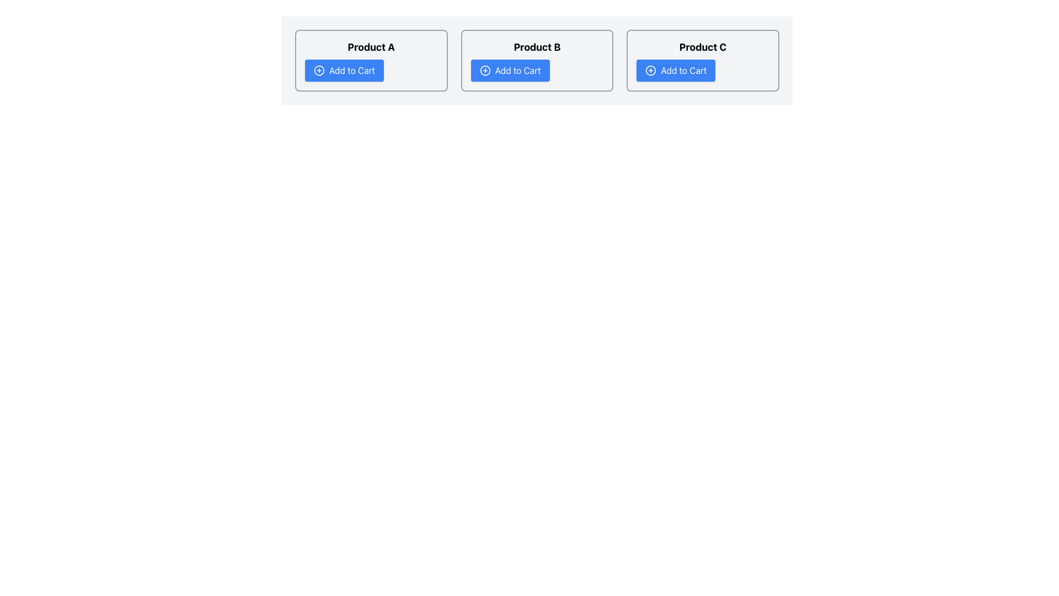  What do you see at coordinates (319, 70) in the screenshot?
I see `the 'Add to Cart' icon, which is located on the left side of the button labeled 'Add to Cart'` at bounding box center [319, 70].